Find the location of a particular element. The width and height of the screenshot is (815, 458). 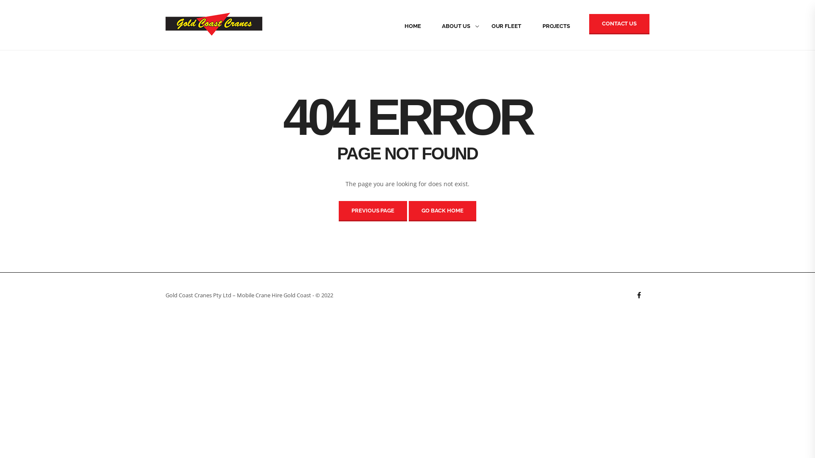

'GO BACK HOME' is located at coordinates (442, 210).